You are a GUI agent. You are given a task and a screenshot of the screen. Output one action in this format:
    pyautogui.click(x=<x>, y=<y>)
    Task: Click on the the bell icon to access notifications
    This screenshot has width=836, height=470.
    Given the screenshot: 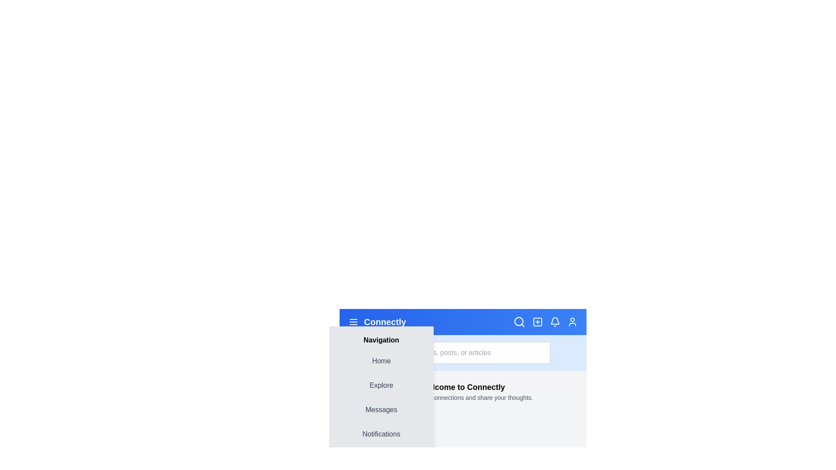 What is the action you would take?
    pyautogui.click(x=555, y=322)
    